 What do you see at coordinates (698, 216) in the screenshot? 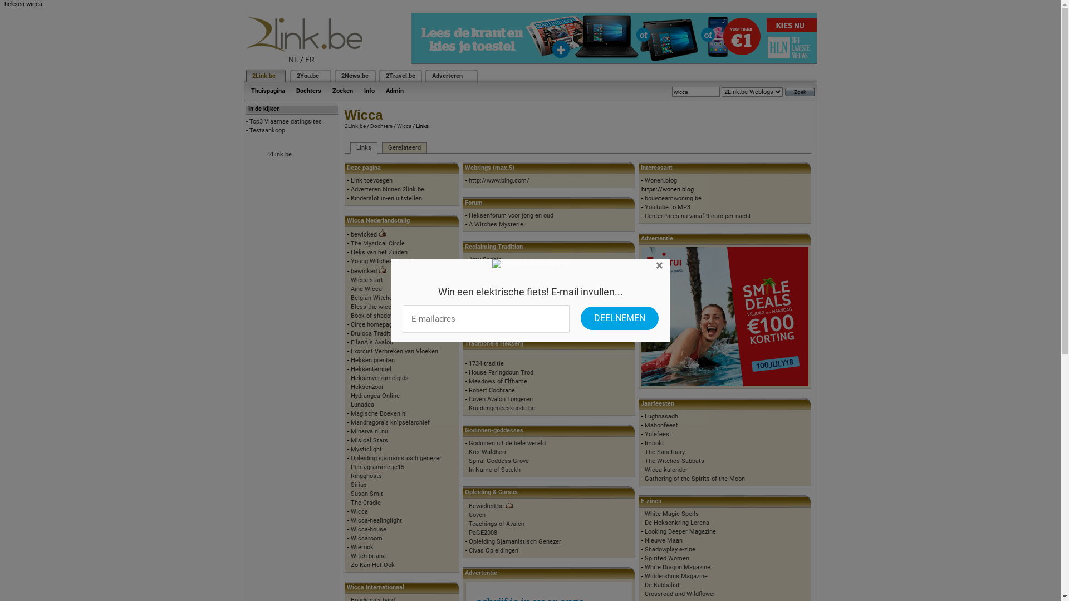
I see `'CenterParcs nu vanaf 9 euro per nacht!'` at bounding box center [698, 216].